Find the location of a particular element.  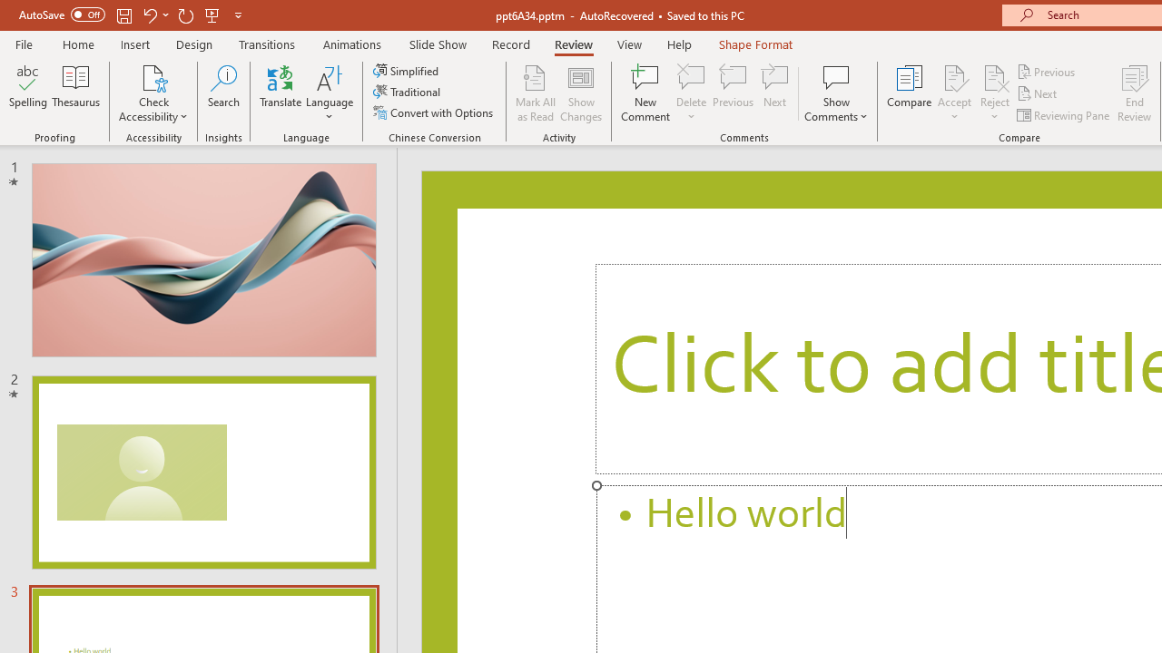

'Save' is located at coordinates (123, 15).